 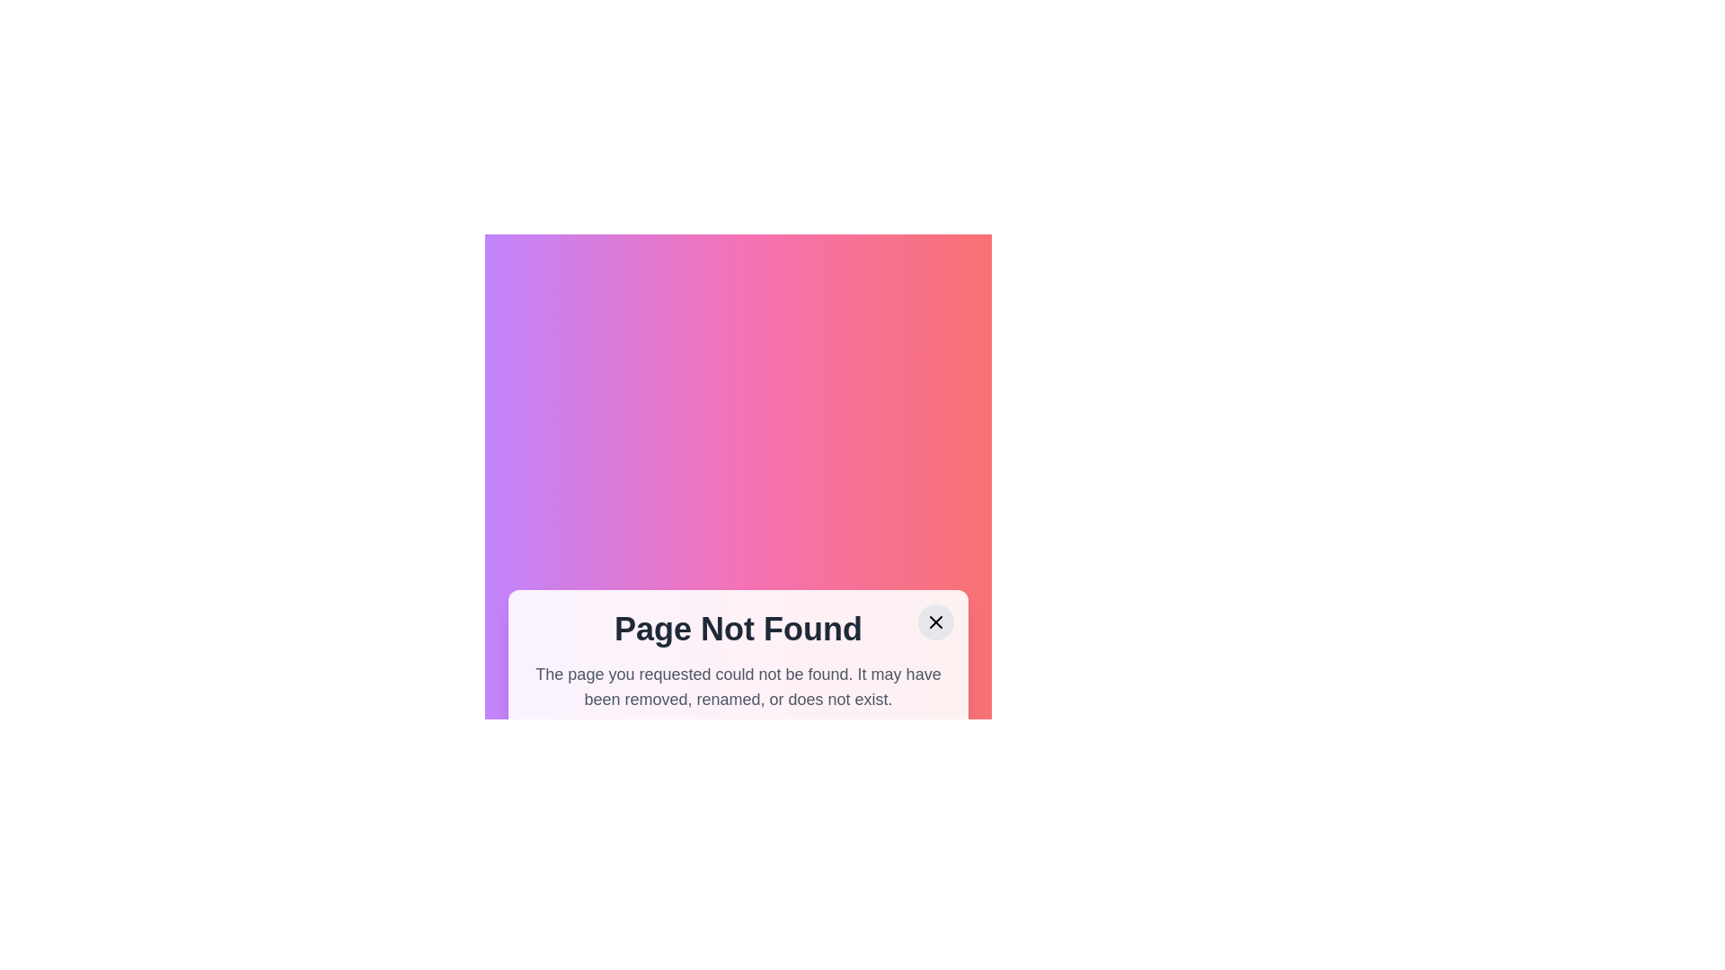 I want to click on the close button represented by an 'X' icon located at the top right corner of the dialog box, so click(x=934, y=620).